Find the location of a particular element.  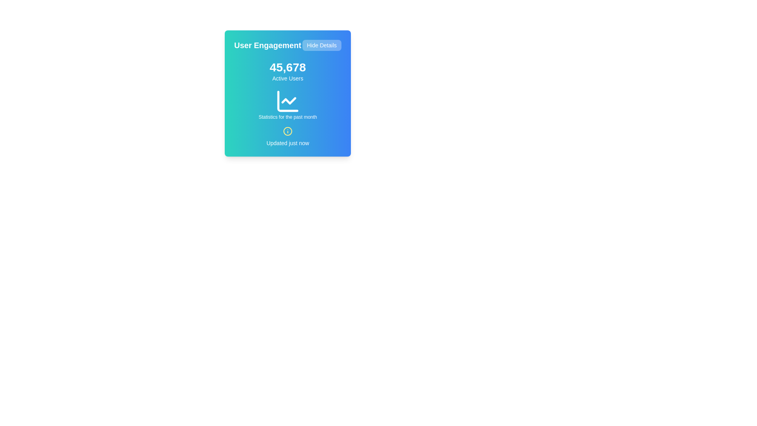

the first and largest text element displaying the count of active users in the User Engagement section is located at coordinates (287, 67).